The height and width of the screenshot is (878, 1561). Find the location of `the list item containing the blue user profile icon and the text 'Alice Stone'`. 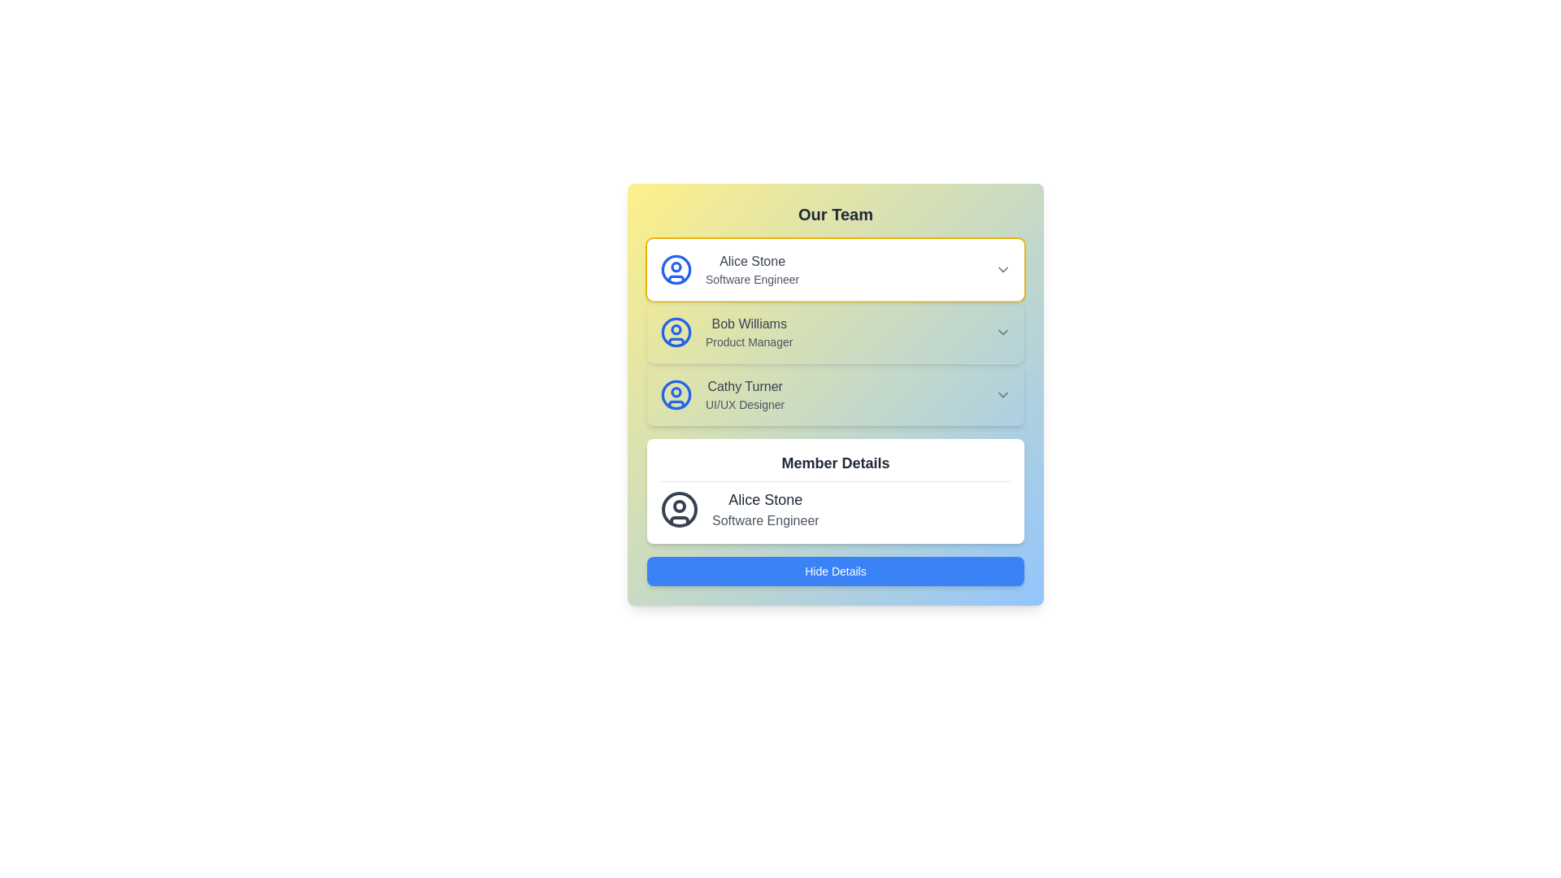

the list item containing the blue user profile icon and the text 'Alice Stone' is located at coordinates (728, 268).